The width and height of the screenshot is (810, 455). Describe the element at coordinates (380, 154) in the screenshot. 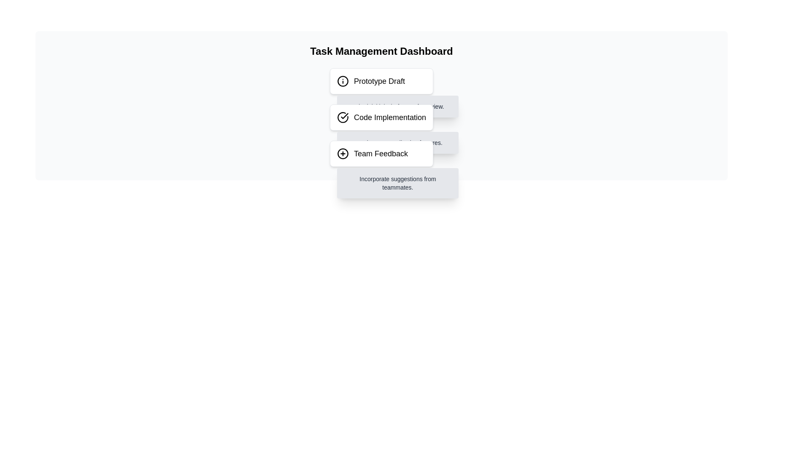

I see `the descriptive text label located in the third item of a vertical list, positioned between the 'Code Implementation' group and the fourth section at the bottom of the interface` at that location.